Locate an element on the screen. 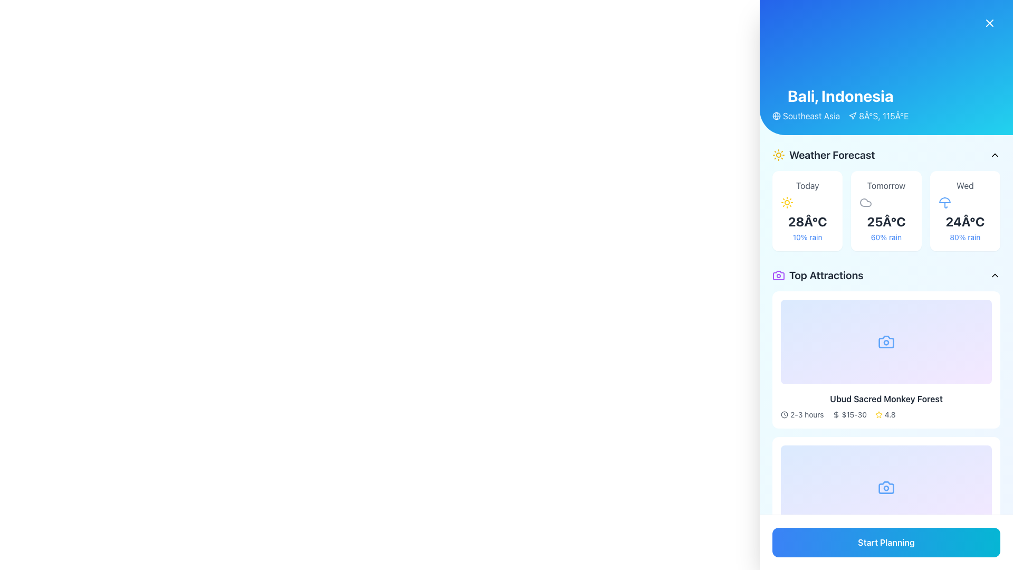 Image resolution: width=1013 pixels, height=570 pixels. the small chevron icon pointing upwards located at the far right of the 'Weather Forecast' header bar to trigger tooltip or highlight effects is located at coordinates (995, 155).